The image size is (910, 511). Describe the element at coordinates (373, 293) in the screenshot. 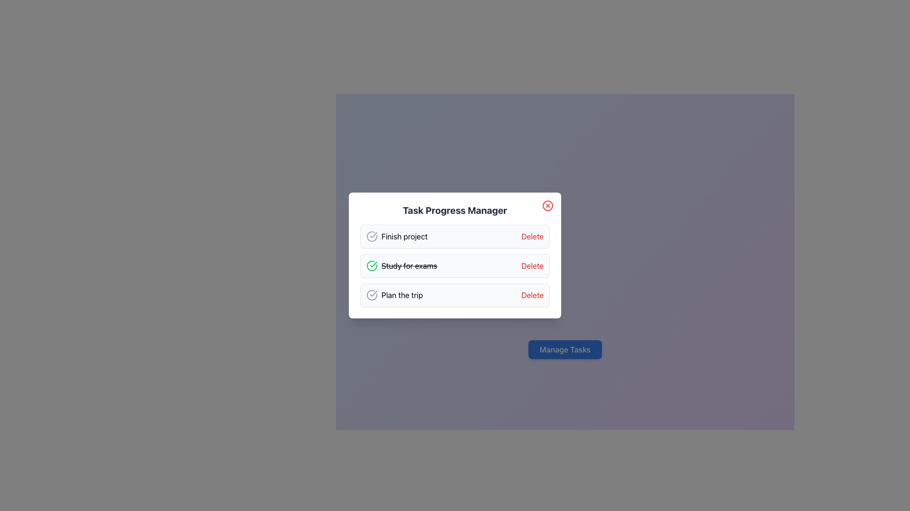

I see `the decorative graphical icon indicating task completion, located to the left of the text 'Study for exams.'` at that location.